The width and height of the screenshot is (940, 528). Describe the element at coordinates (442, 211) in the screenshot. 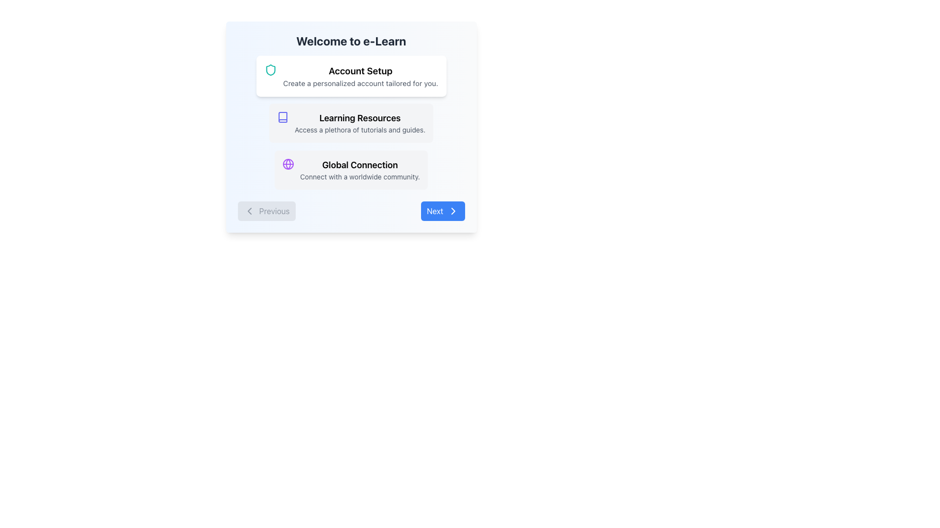

I see `the 'Next' button, which is a rectangular button with white text on a blue background, located at the lower-right corner of the navigation section in a multi-step setup interface` at that location.